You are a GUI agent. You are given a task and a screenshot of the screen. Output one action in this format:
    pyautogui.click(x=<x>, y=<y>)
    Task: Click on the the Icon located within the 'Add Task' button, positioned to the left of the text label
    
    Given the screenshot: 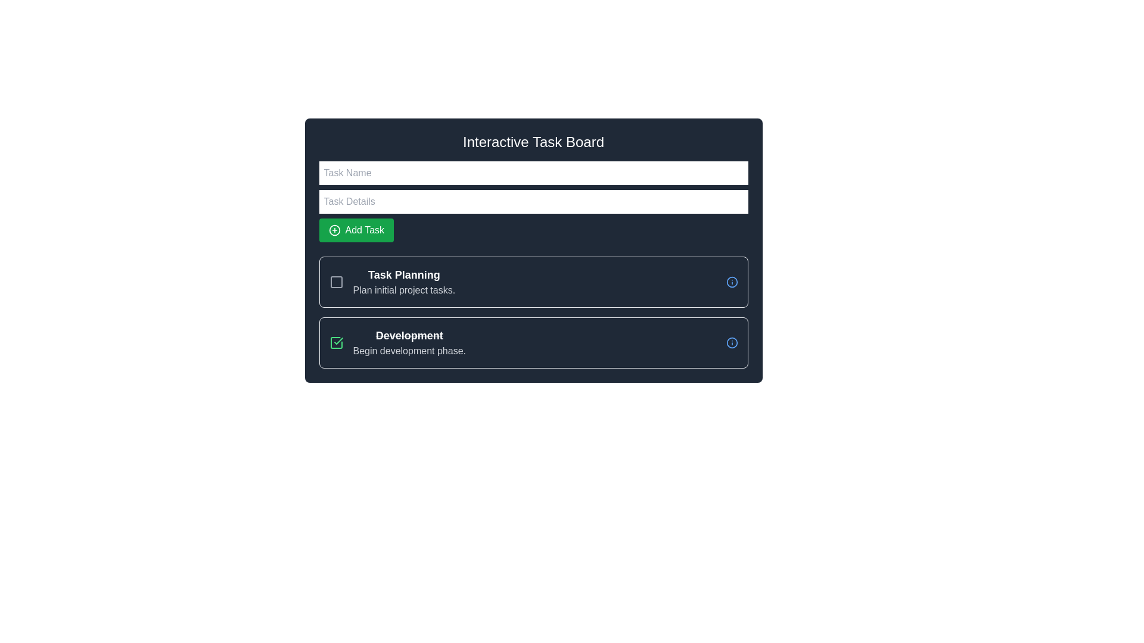 What is the action you would take?
    pyautogui.click(x=334, y=230)
    